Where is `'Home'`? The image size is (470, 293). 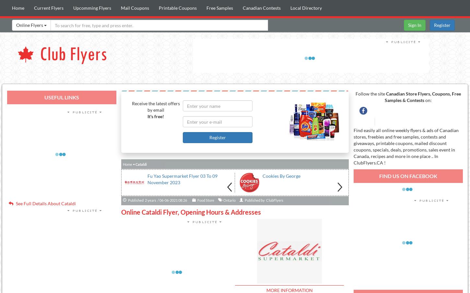
'Home' is located at coordinates (127, 164).